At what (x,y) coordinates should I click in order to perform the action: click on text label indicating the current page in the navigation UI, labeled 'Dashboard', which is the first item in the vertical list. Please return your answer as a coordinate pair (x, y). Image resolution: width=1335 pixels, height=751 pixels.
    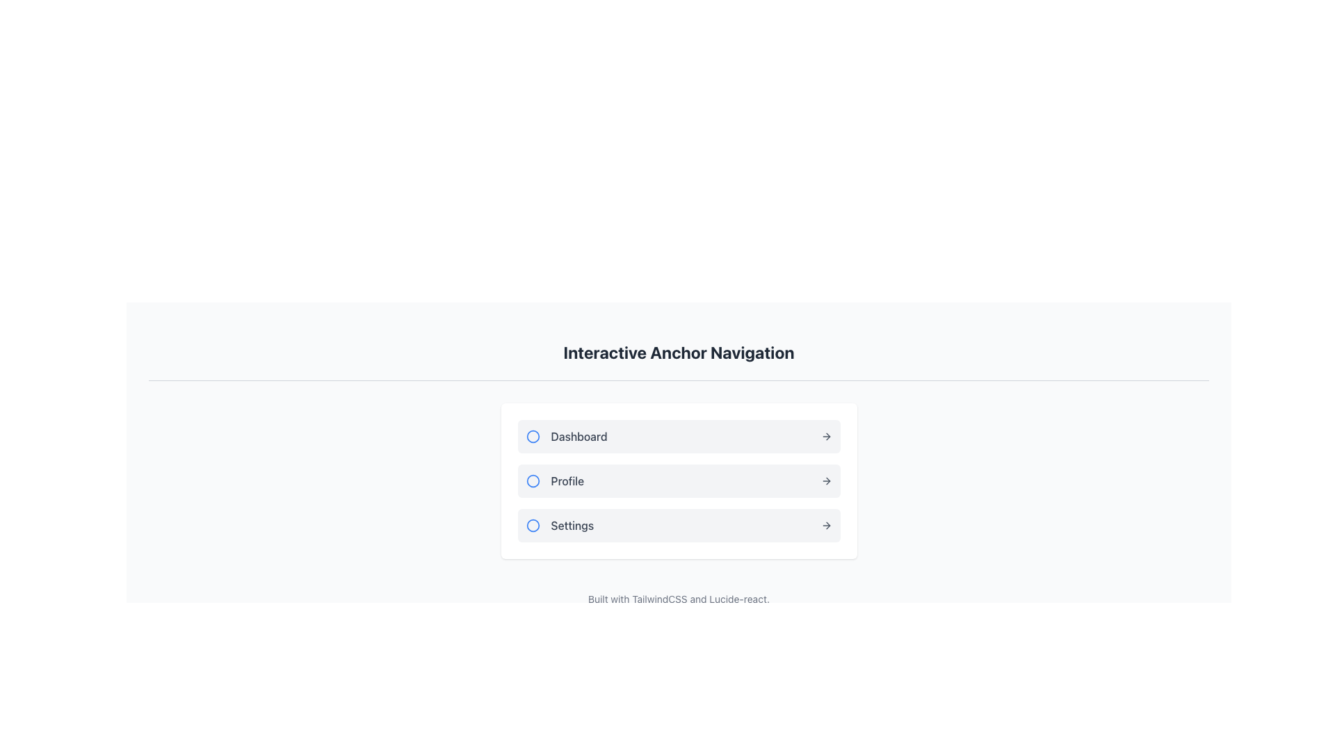
    Looking at the image, I should click on (567, 436).